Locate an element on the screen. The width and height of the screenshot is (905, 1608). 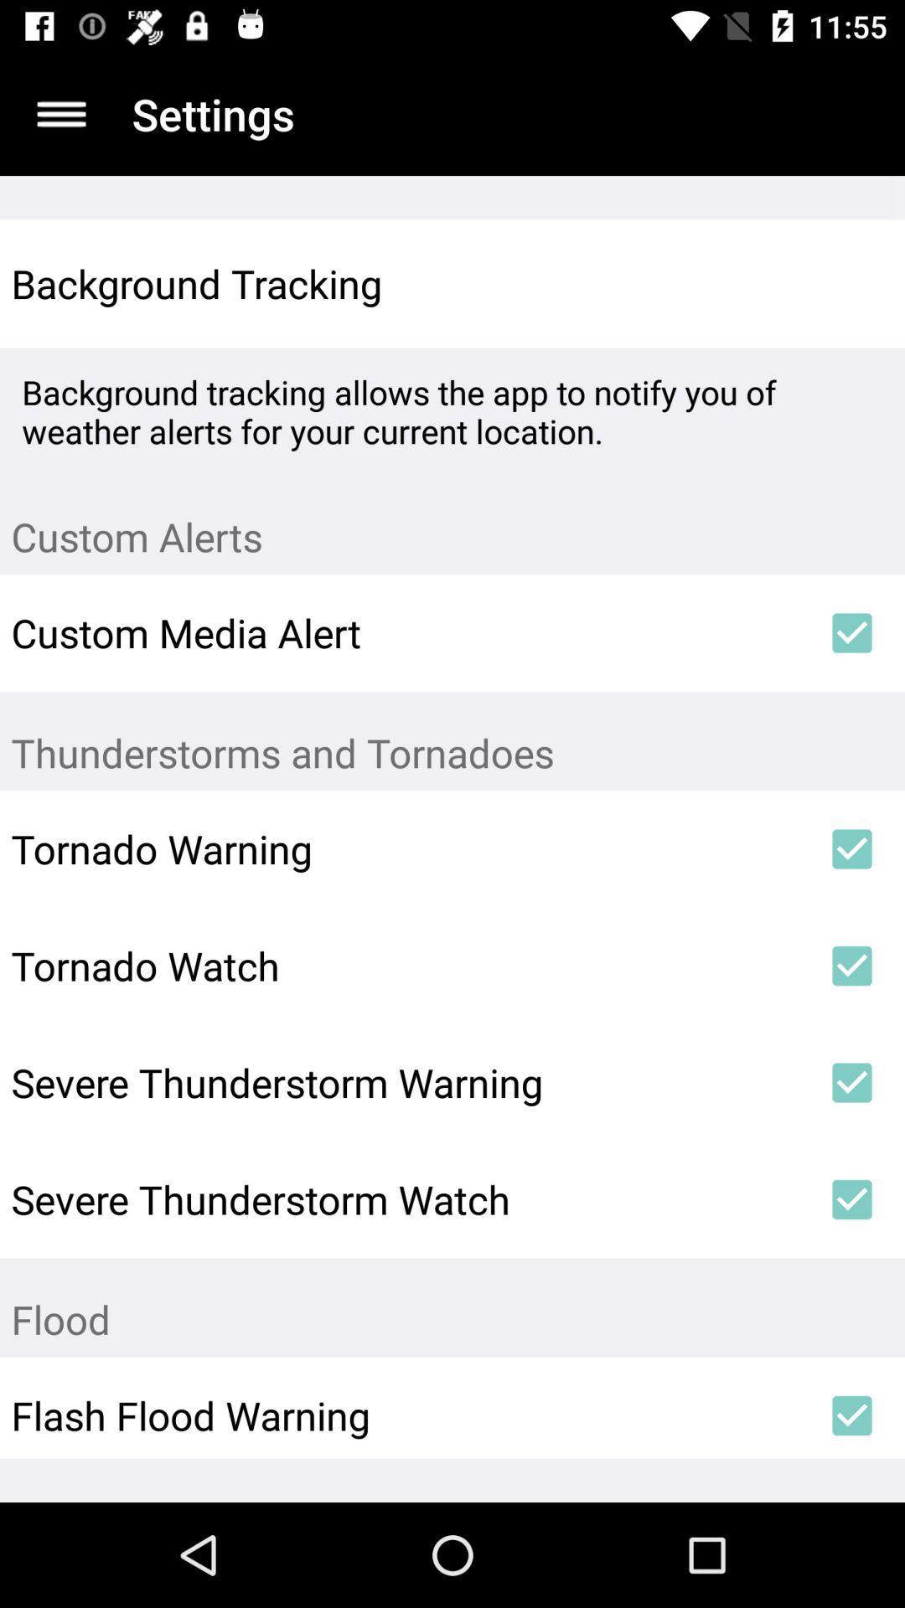
icon above thunderstorms and tornadoes item is located at coordinates (852, 631).